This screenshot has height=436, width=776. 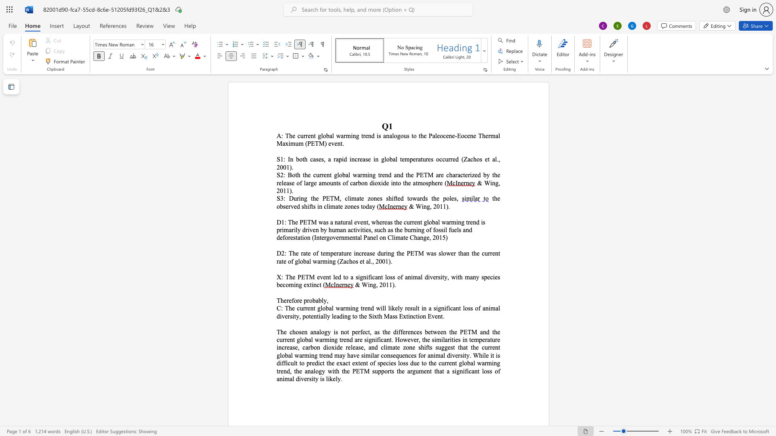 What do you see at coordinates (459, 135) in the screenshot?
I see `the 1th character "E" in the text` at bounding box center [459, 135].